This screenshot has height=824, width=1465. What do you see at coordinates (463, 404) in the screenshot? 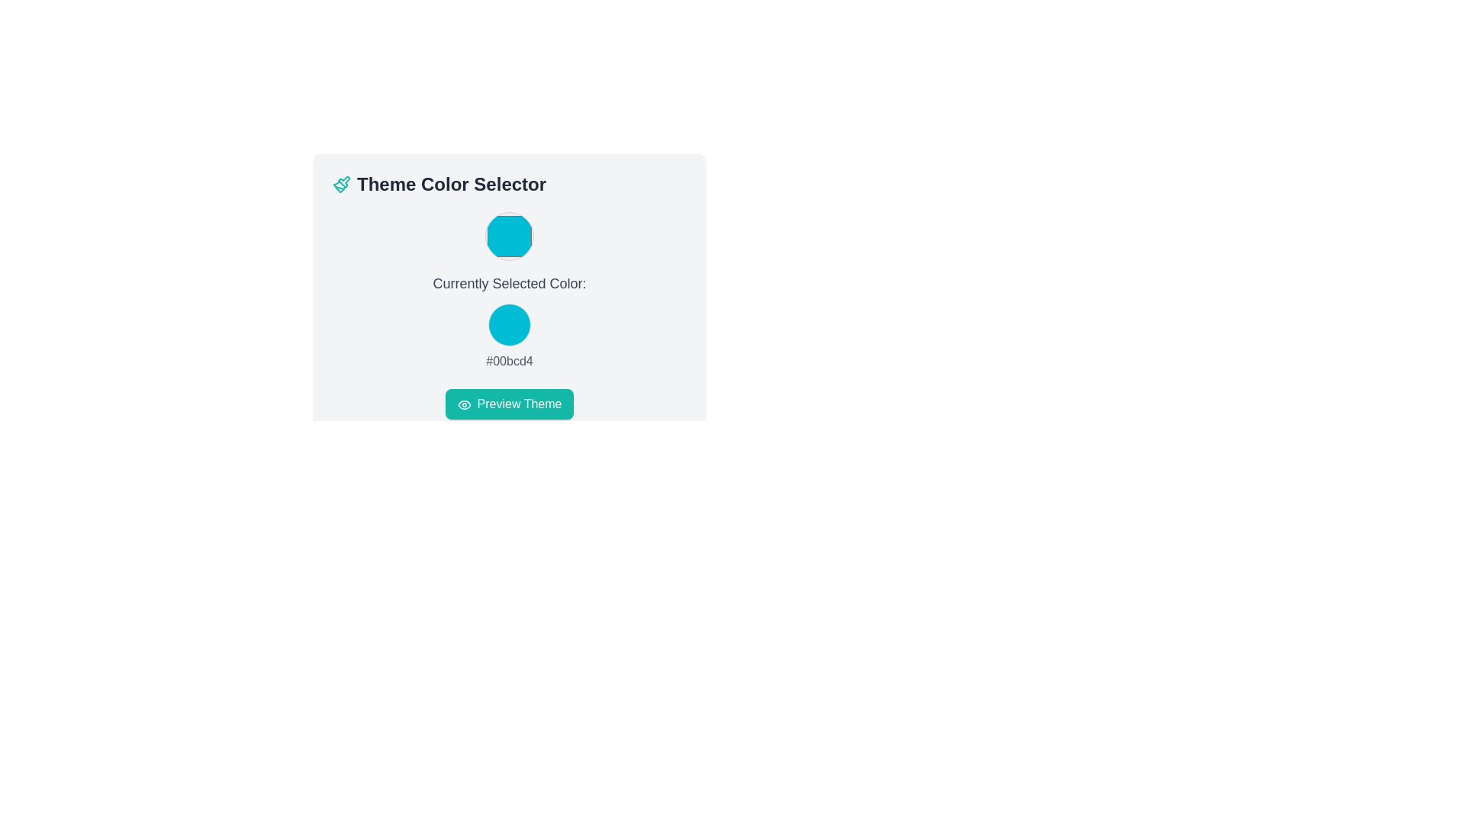
I see `the outer contour of the eye figure, which is styled with a thin teal outline and is located near the top center of the theme color selection interface` at bounding box center [463, 404].